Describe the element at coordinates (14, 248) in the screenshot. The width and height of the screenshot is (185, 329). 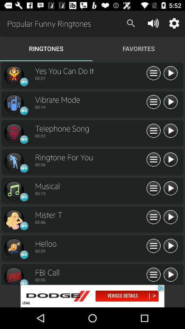
I see `icon of the ringtone` at that location.